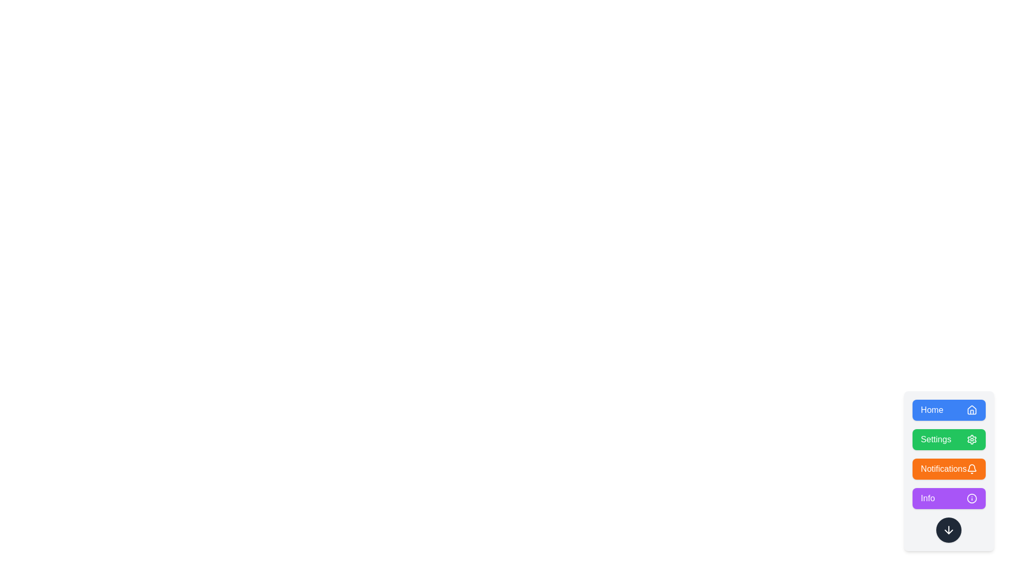  I want to click on the Notifications button in the ThemedSpeedDial component, so click(949, 468).